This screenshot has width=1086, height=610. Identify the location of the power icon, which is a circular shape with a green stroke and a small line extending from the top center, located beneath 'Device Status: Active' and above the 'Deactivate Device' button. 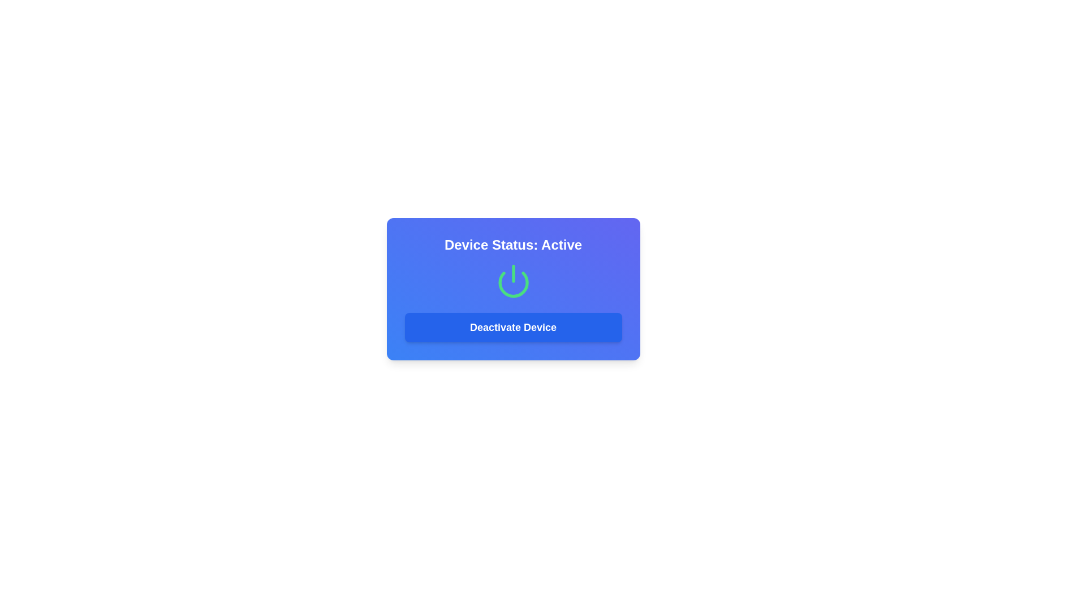
(512, 280).